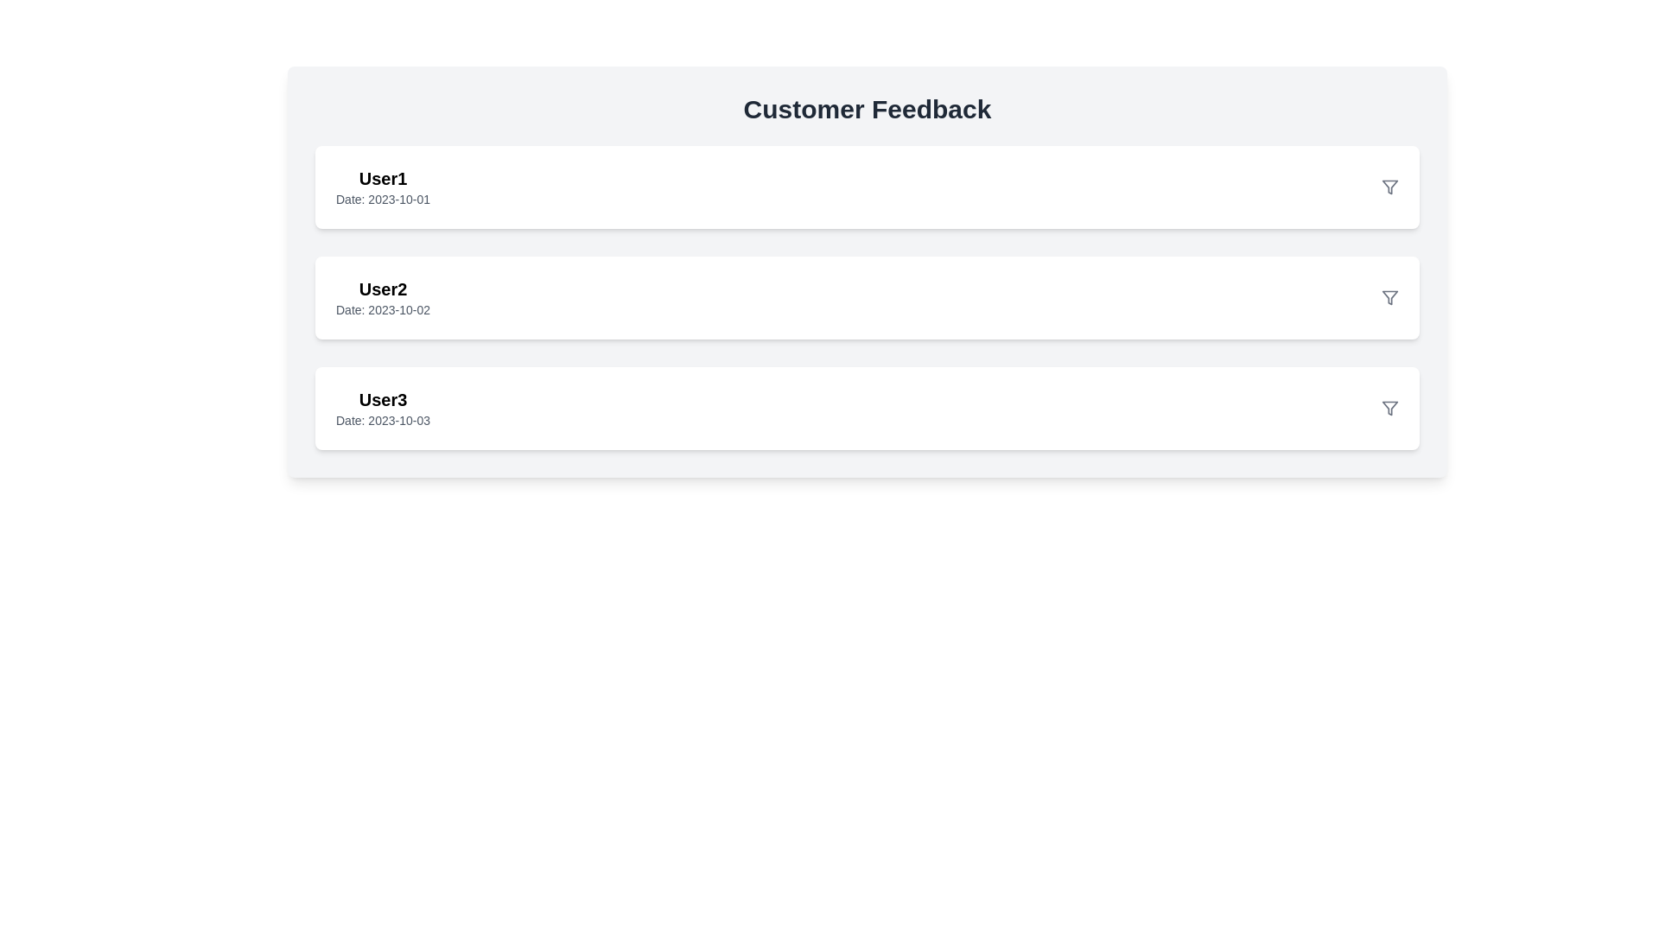  Describe the element at coordinates (382, 289) in the screenshot. I see `the username text label located at the top-left corner of the second customer feedback card, which is positioned above the date text 'Date: 2023-10-02.'` at that location.